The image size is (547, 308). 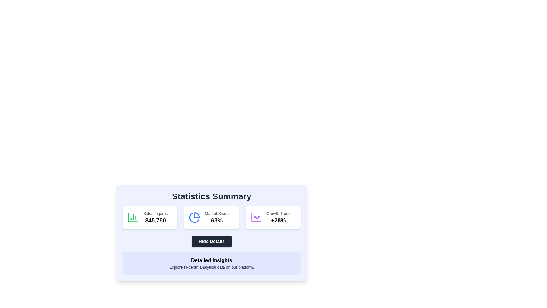 I want to click on the Data Display Component that shows a monetary value, located in the left section of the 'Statistics Summary' panel, to interact with it if it is interactive, so click(x=155, y=218).